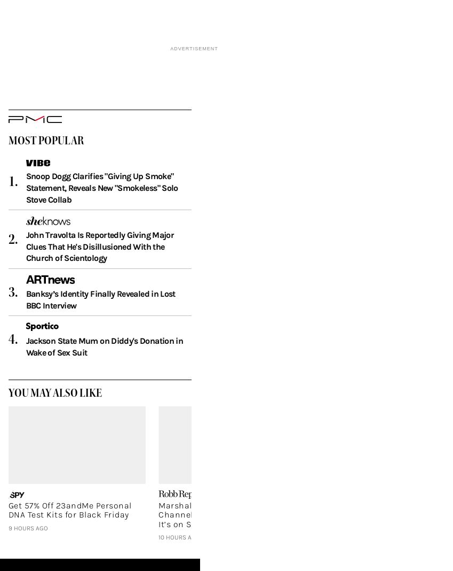  Describe the element at coordinates (307, 529) in the screenshot. I see `'Teyana Taylor Breaks Silence, Addresses Divorce Rumors For “First And Last Time”'` at that location.